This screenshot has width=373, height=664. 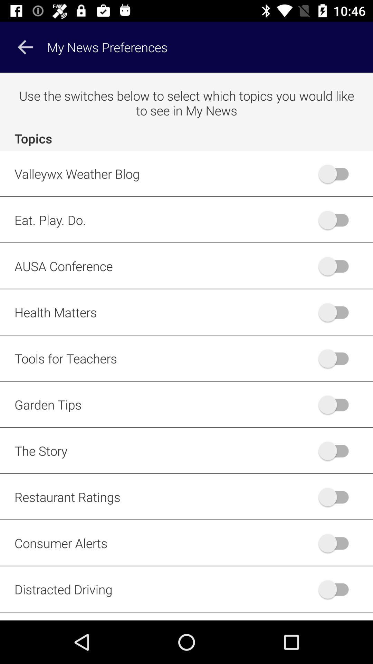 I want to click on choose topic, so click(x=336, y=589).